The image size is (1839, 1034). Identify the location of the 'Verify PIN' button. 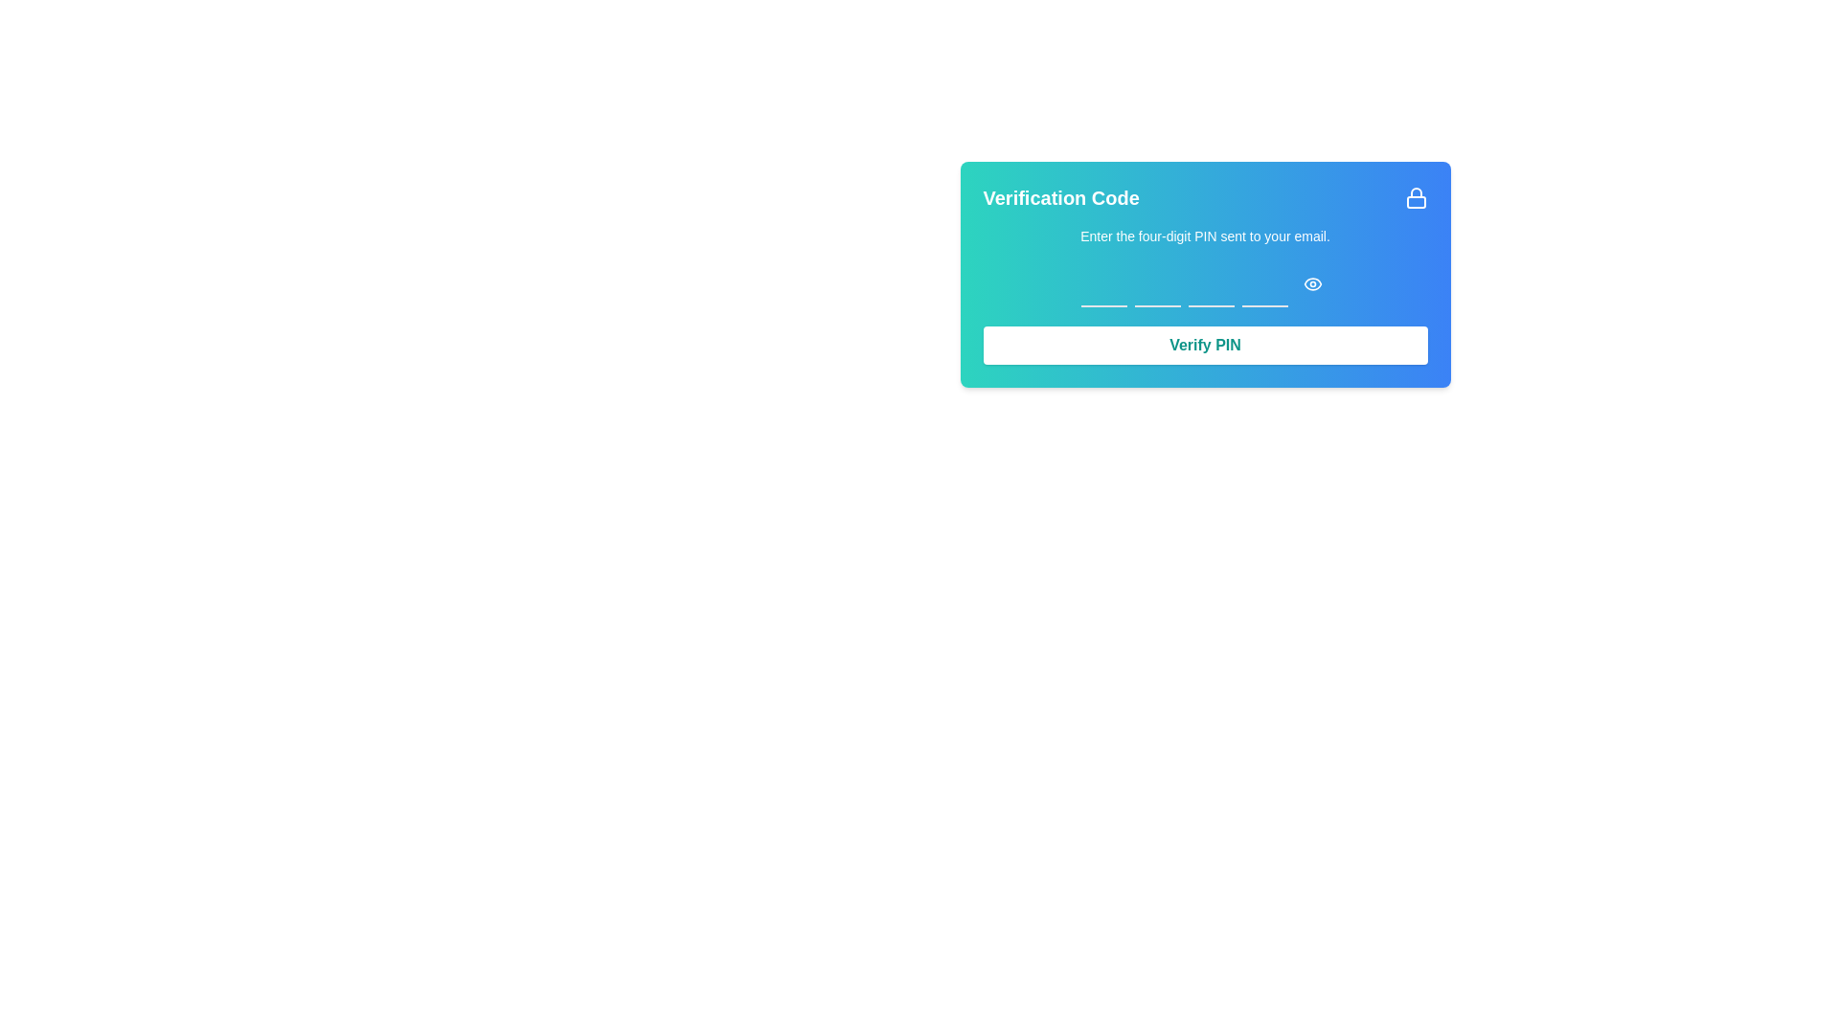
(1204, 346).